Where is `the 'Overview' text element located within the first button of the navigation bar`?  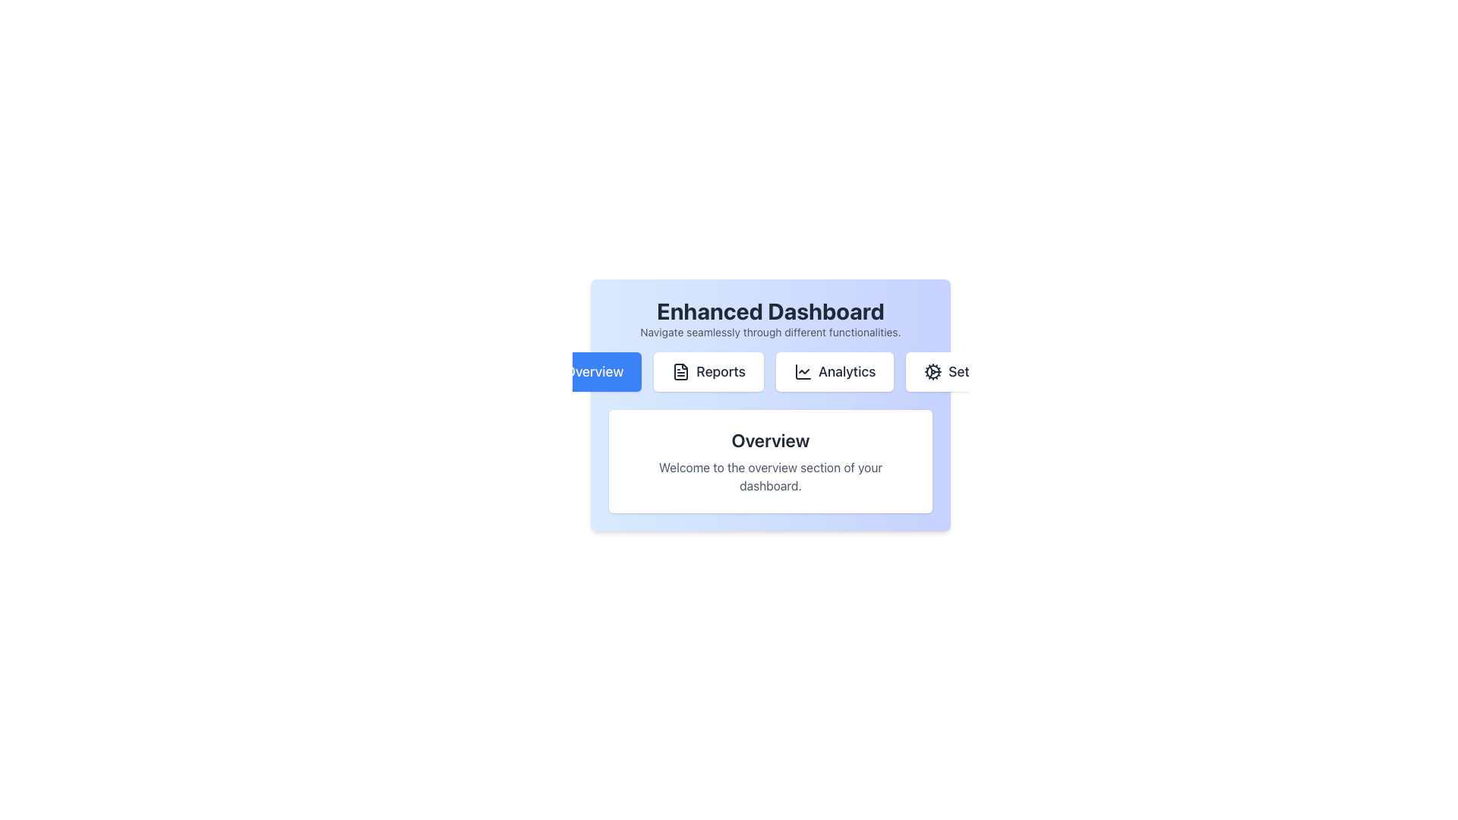 the 'Overview' text element located within the first button of the navigation bar is located at coordinates (593, 371).